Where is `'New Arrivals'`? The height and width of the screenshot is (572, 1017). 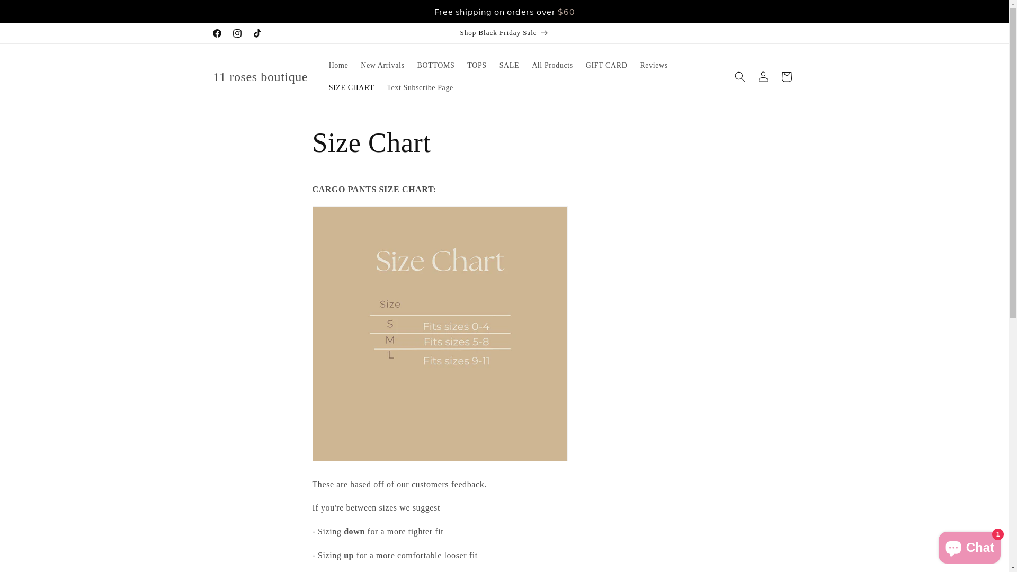 'New Arrivals' is located at coordinates (354, 65).